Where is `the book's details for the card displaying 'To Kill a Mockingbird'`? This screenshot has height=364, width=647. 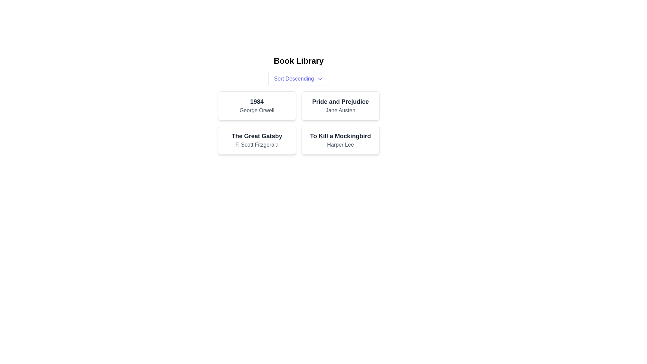
the book's details for the card displaying 'To Kill a Mockingbird' is located at coordinates (340, 140).